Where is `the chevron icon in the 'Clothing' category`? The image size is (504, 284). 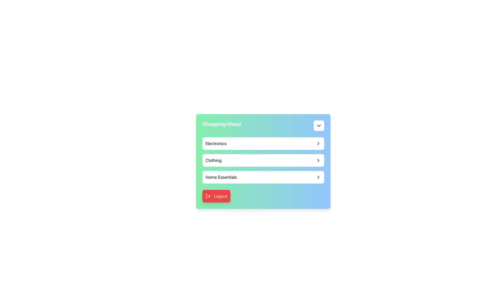 the chevron icon in the 'Clothing' category is located at coordinates (318, 160).